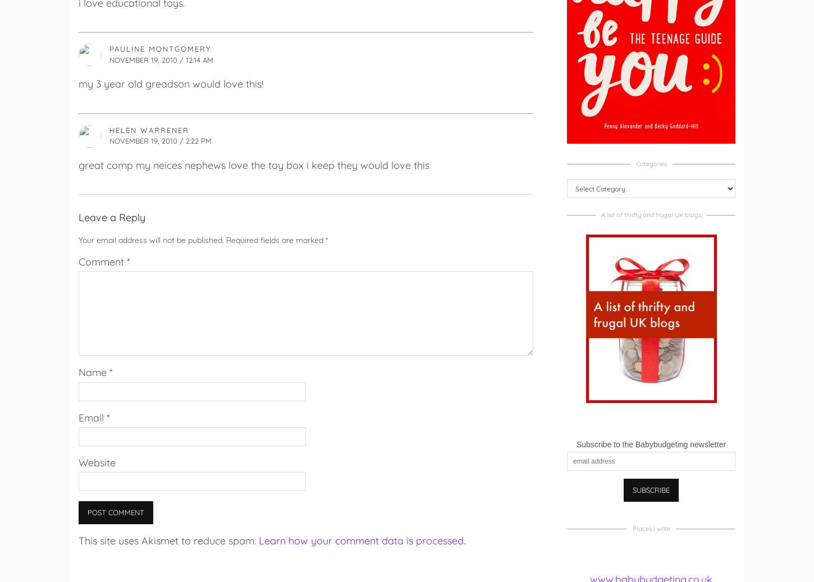 Image resolution: width=814 pixels, height=582 pixels. Describe the element at coordinates (151, 239) in the screenshot. I see `'Your email address will not be published.'` at that location.